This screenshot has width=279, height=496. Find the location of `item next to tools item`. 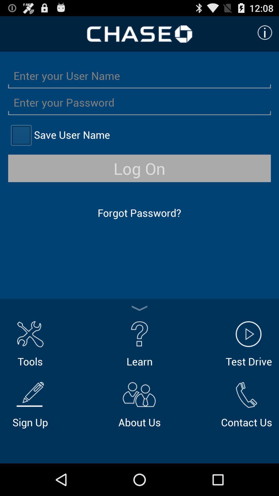

item next to tools item is located at coordinates (139, 343).